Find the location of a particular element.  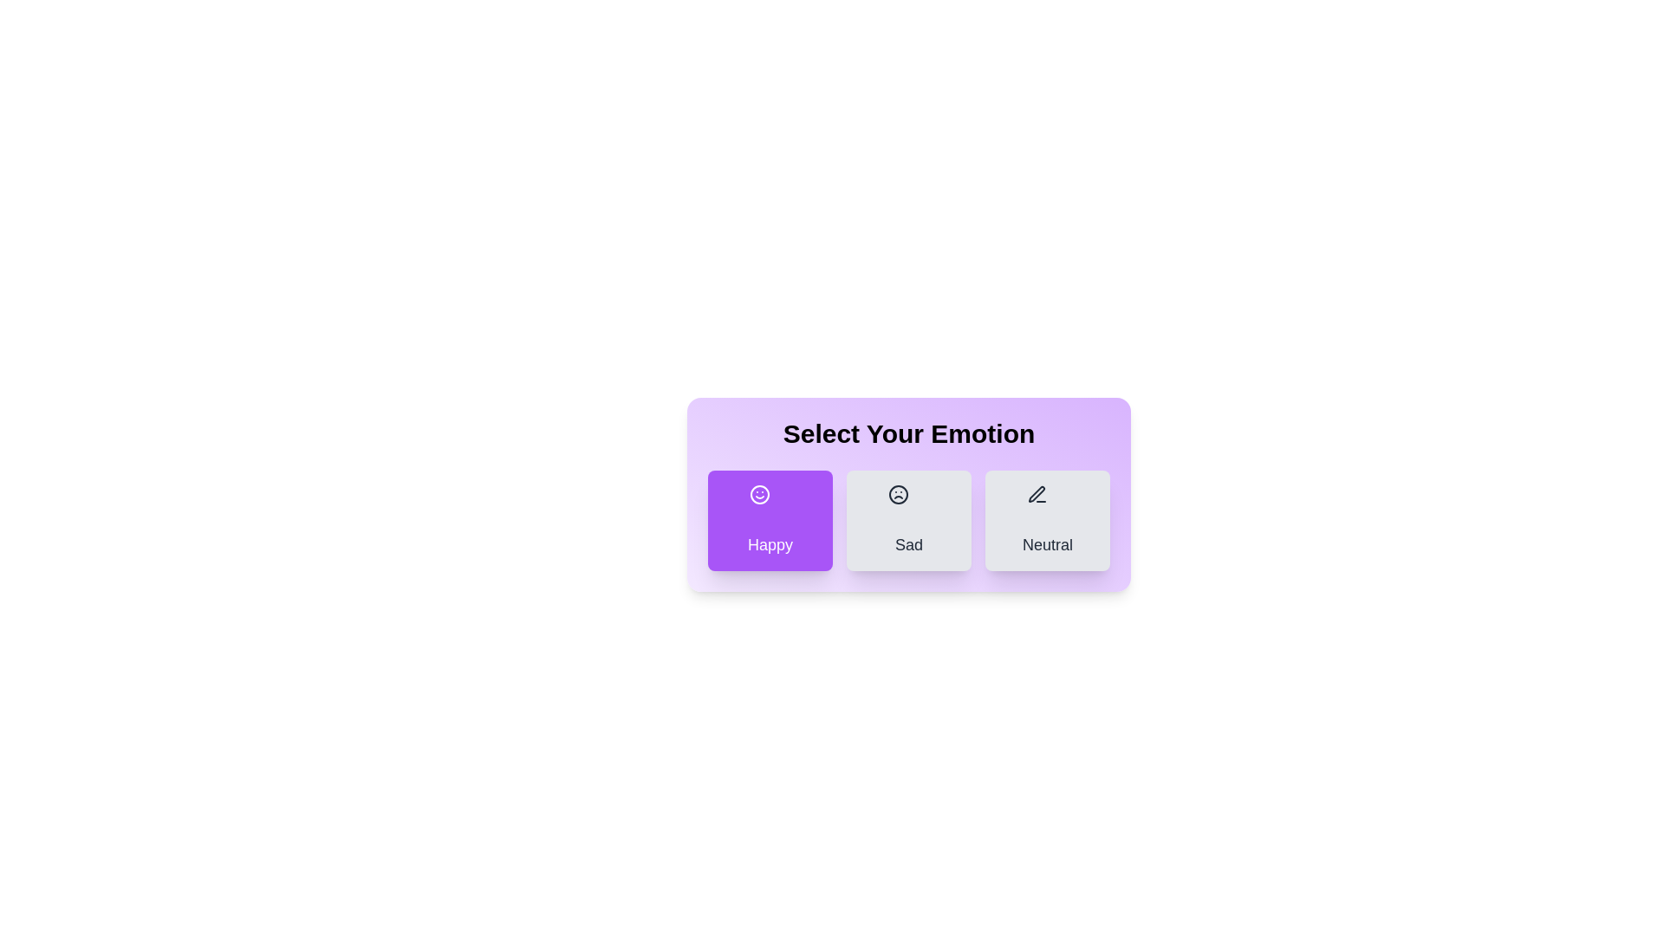

the emotion Sad by clicking on the corresponding button is located at coordinates (908, 520).